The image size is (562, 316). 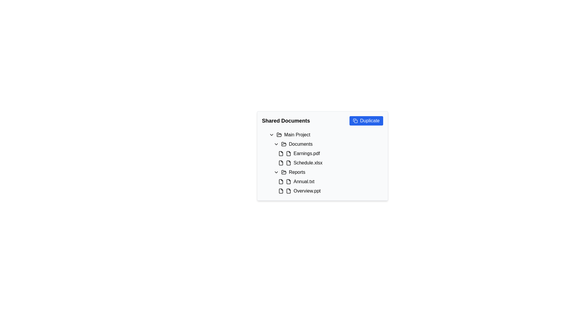 I want to click on the icon that serves as a visual indicator for the document 'Earnings.pdf', which is located immediately to the left of the text 'Earnings.pdf', so click(x=281, y=153).